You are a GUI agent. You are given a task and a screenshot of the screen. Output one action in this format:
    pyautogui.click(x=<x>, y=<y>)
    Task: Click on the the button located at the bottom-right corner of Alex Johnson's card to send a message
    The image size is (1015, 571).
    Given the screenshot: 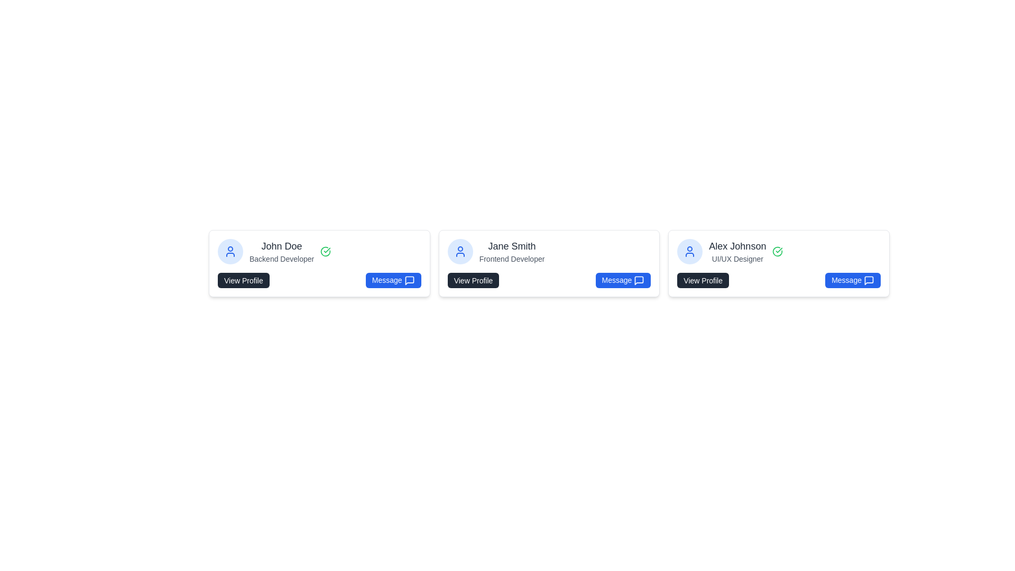 What is the action you would take?
    pyautogui.click(x=853, y=280)
    